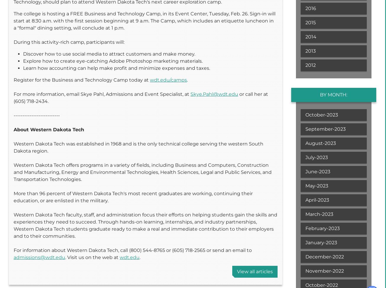 The image size is (386, 288). What do you see at coordinates (322, 228) in the screenshot?
I see `'February-2023'` at bounding box center [322, 228].